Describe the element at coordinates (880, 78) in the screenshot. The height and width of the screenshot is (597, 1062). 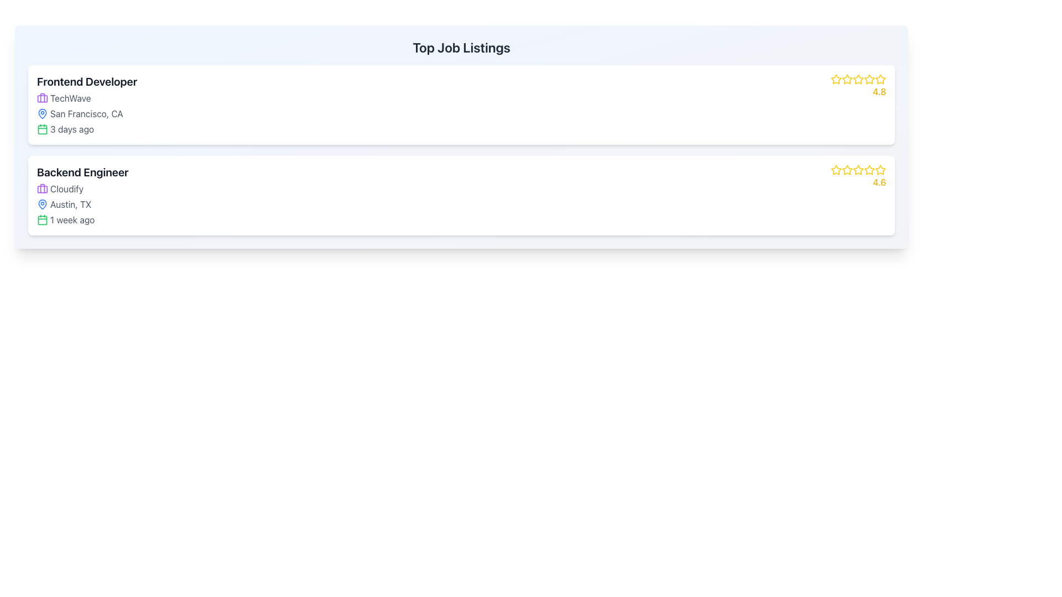
I see `the fifth star icon in the 5-star rating system for the Frontend Developer job listing to interact with the rating system` at that location.